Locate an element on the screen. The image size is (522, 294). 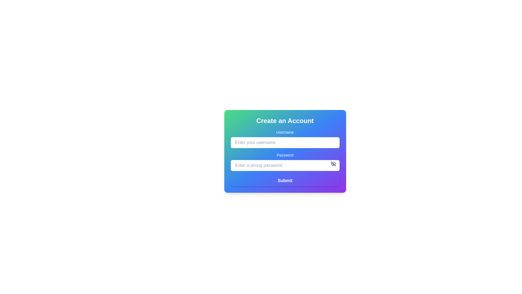
the 'Password' label, which is a small text label in white font on a multicolored gradient background, located above the password input field in the 'Create an Account' form is located at coordinates (285, 155).